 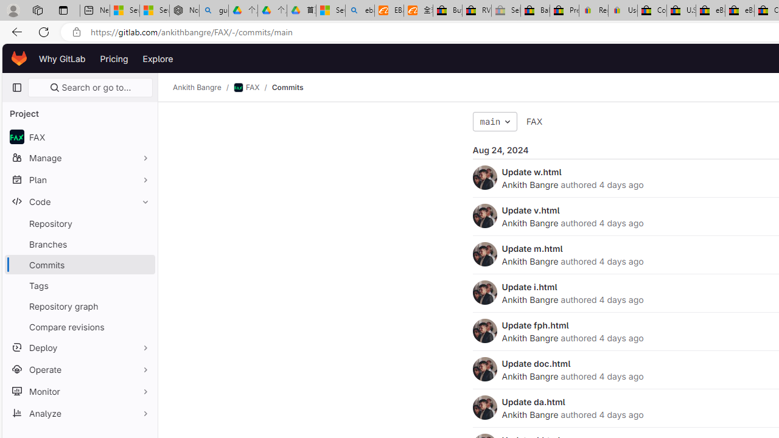 I want to click on 'Compare revisions', so click(x=79, y=326).